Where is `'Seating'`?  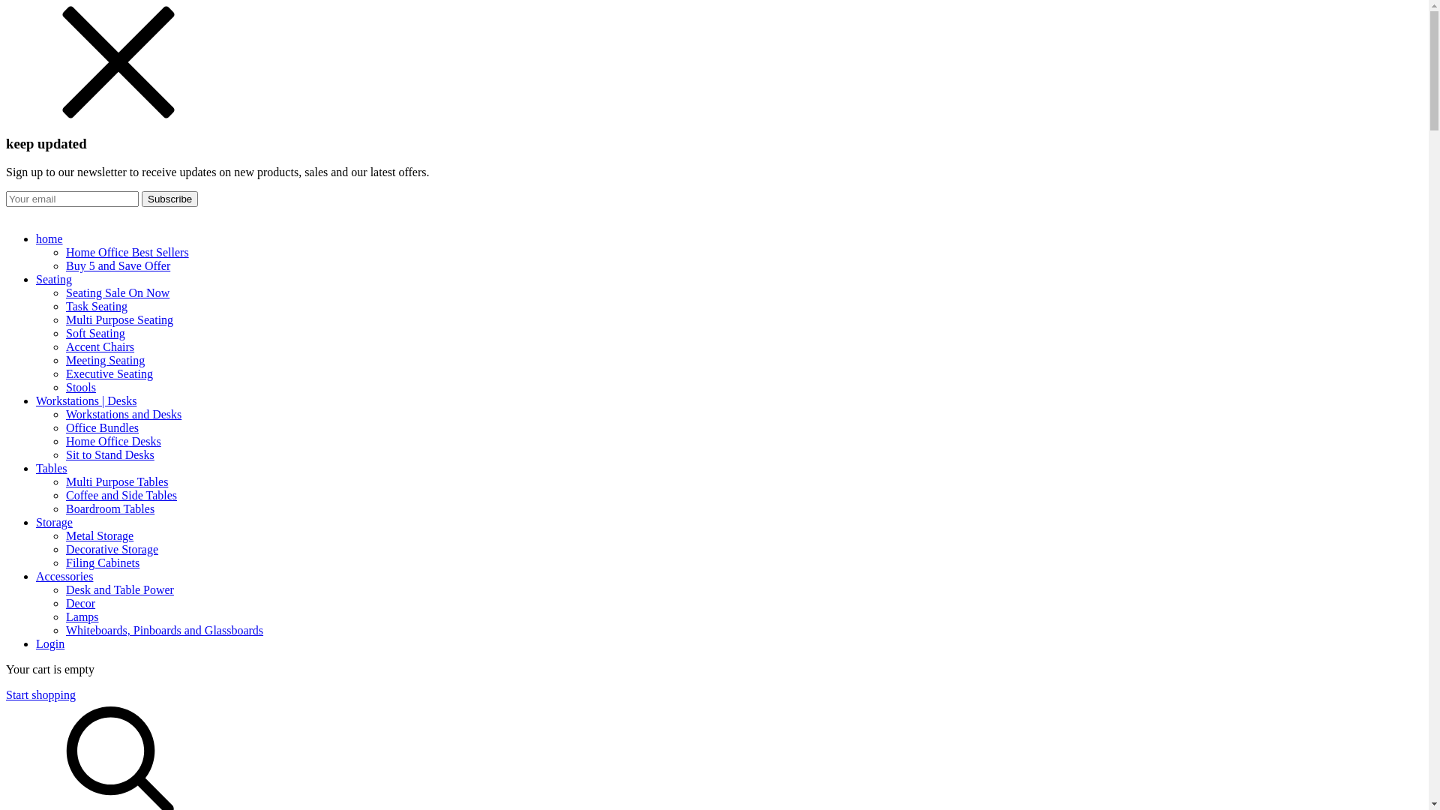 'Seating' is located at coordinates (729, 280).